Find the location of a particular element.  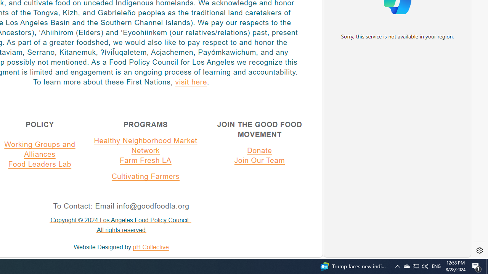

'Donate' is located at coordinates (259, 150).